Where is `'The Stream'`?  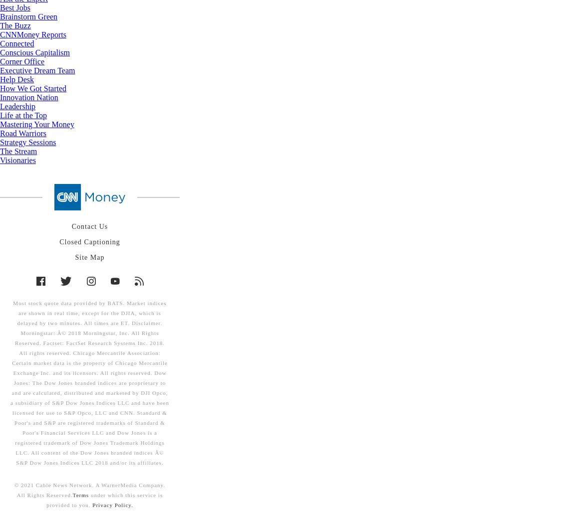 'The Stream' is located at coordinates (18, 151).